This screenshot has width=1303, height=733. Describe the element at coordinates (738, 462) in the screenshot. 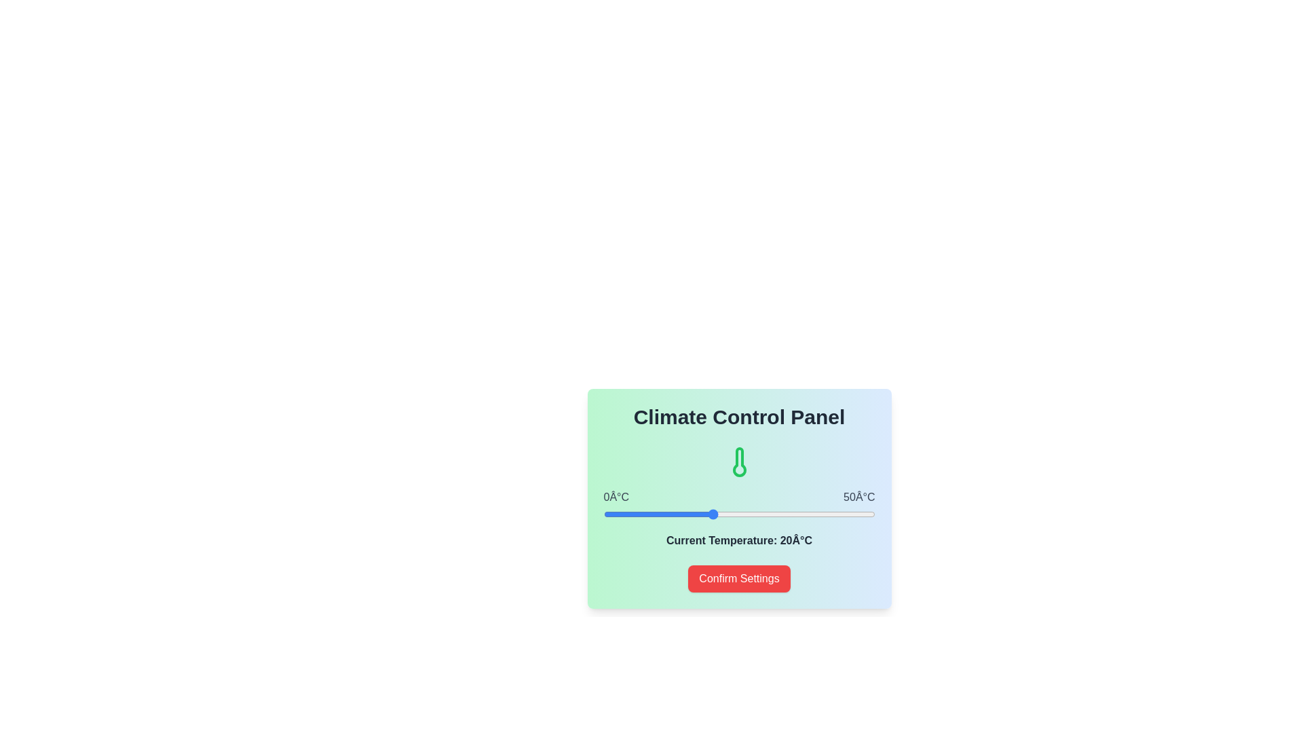

I see `the temperature icon to examine its state` at that location.